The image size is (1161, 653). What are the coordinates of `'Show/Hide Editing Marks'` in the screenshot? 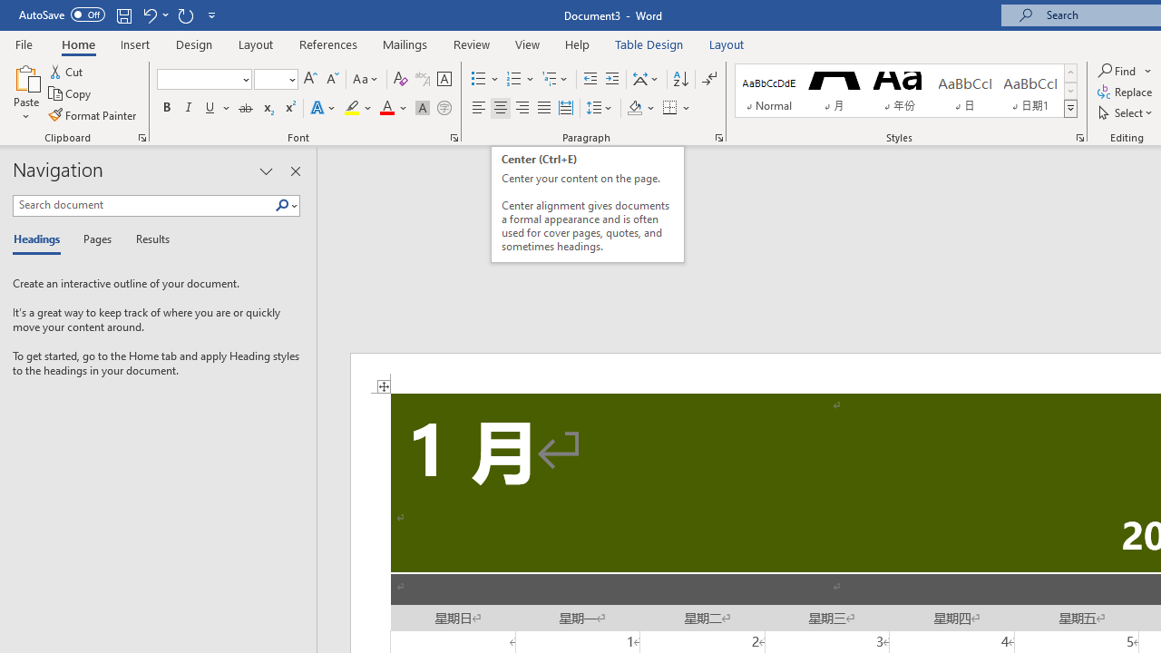 It's located at (708, 78).